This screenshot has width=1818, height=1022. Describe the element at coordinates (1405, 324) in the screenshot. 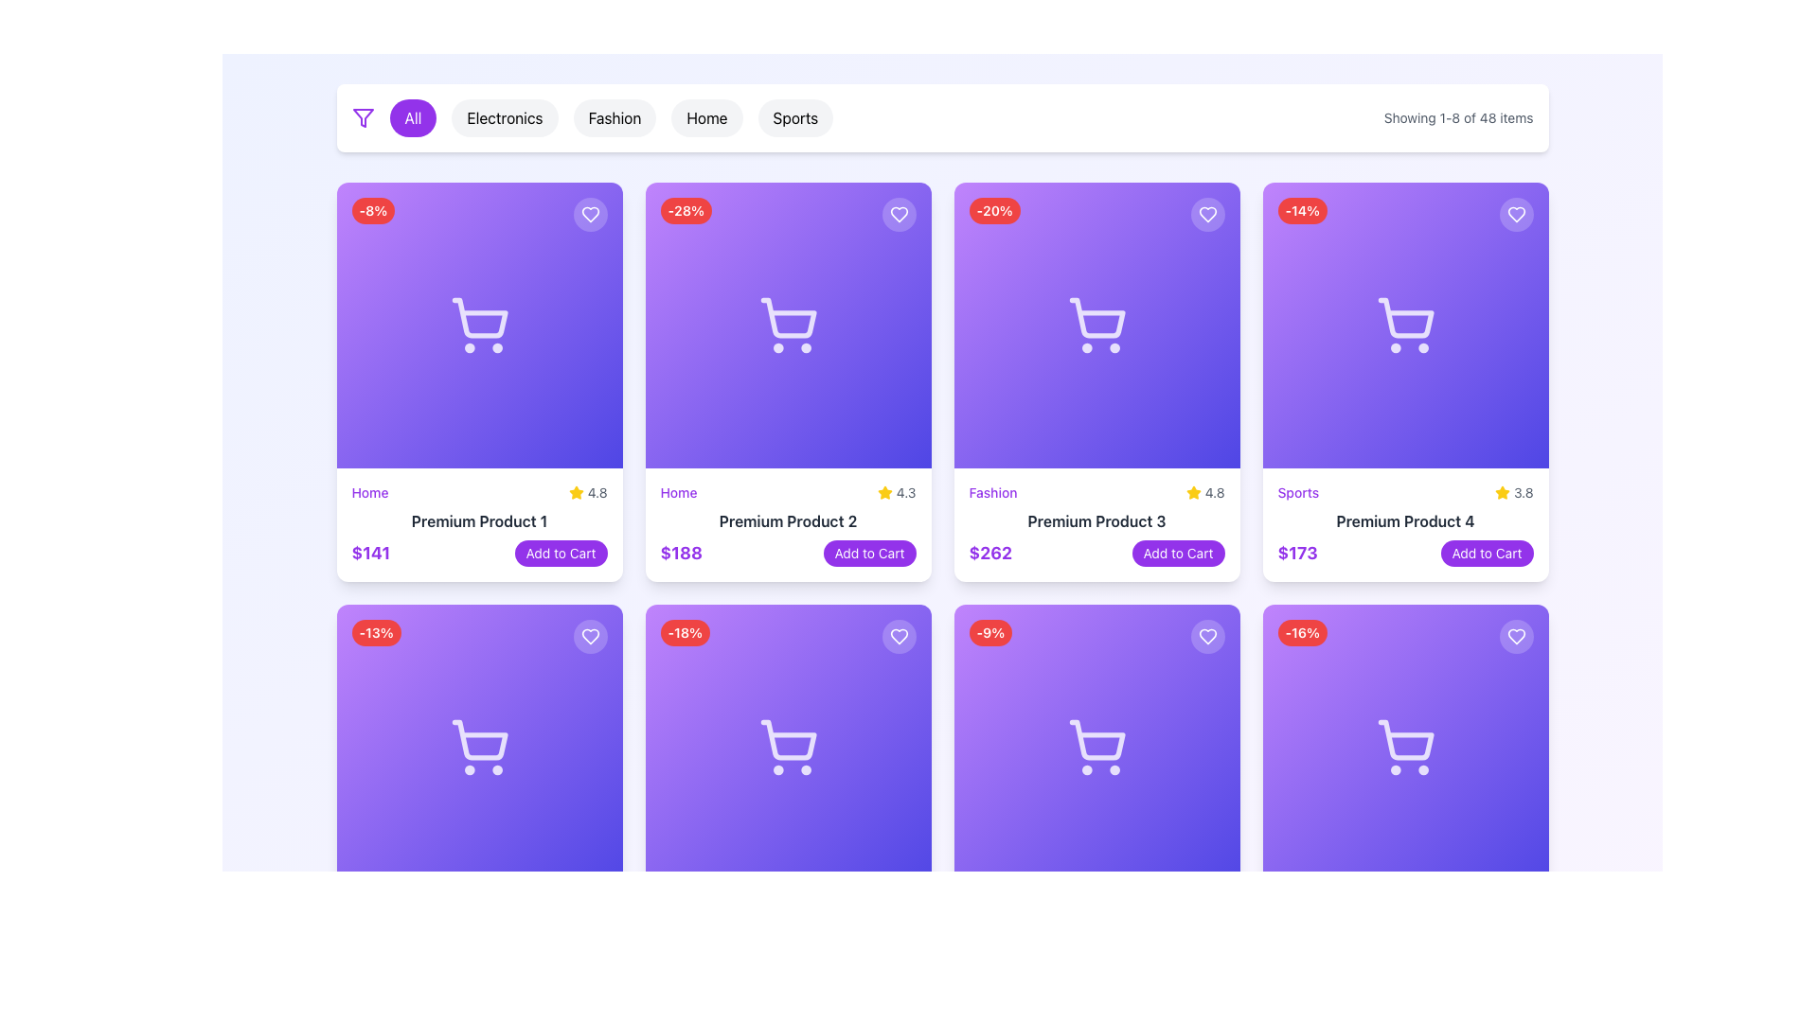

I see `the product display card for 'Premium Product 4', located in the top-right corner of the grid layout` at that location.